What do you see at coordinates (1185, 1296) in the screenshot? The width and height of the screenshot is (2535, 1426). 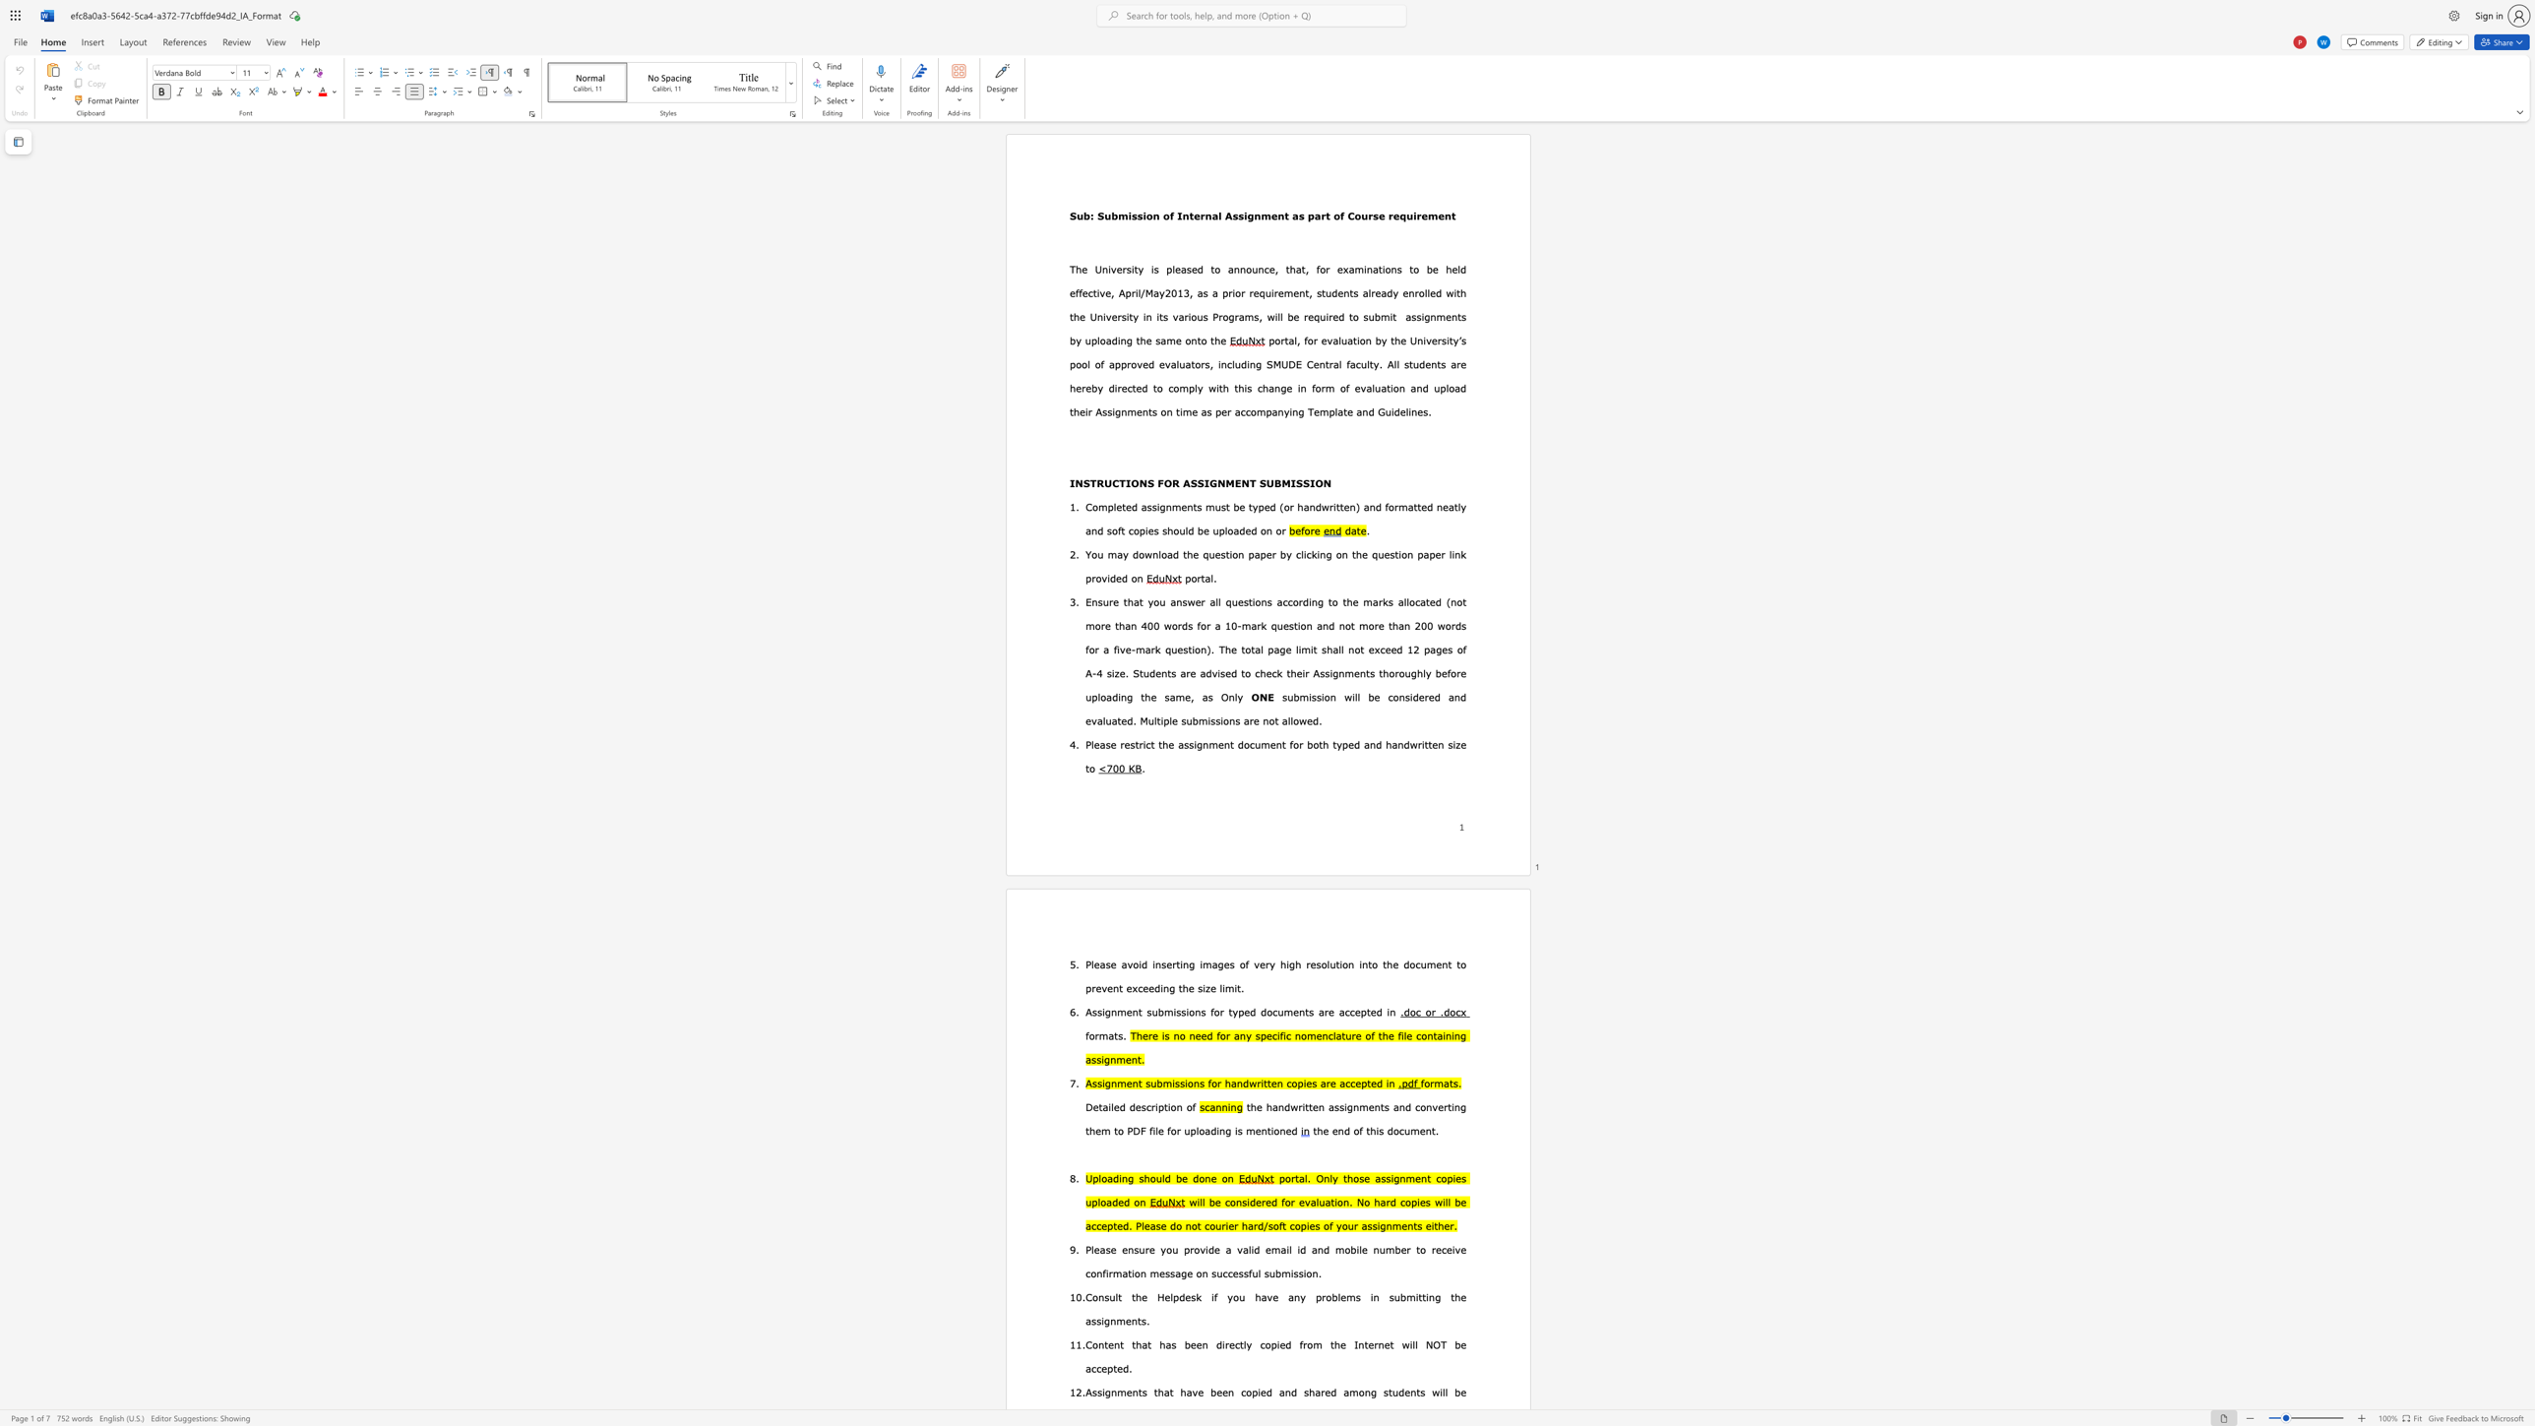 I see `the subset text "esk i" within the text "Consult the Helpdesk if you have any problems in"` at bounding box center [1185, 1296].